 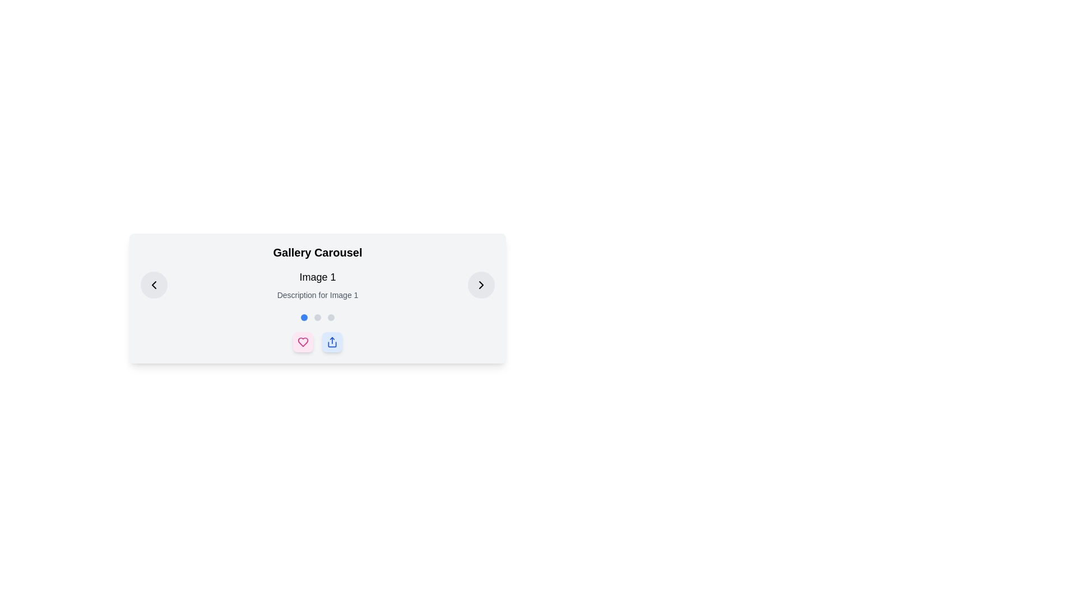 What do you see at coordinates (332, 341) in the screenshot?
I see `the second button located at the bottom of the image viewer interface to share the content currently being viewed in the image carousel` at bounding box center [332, 341].